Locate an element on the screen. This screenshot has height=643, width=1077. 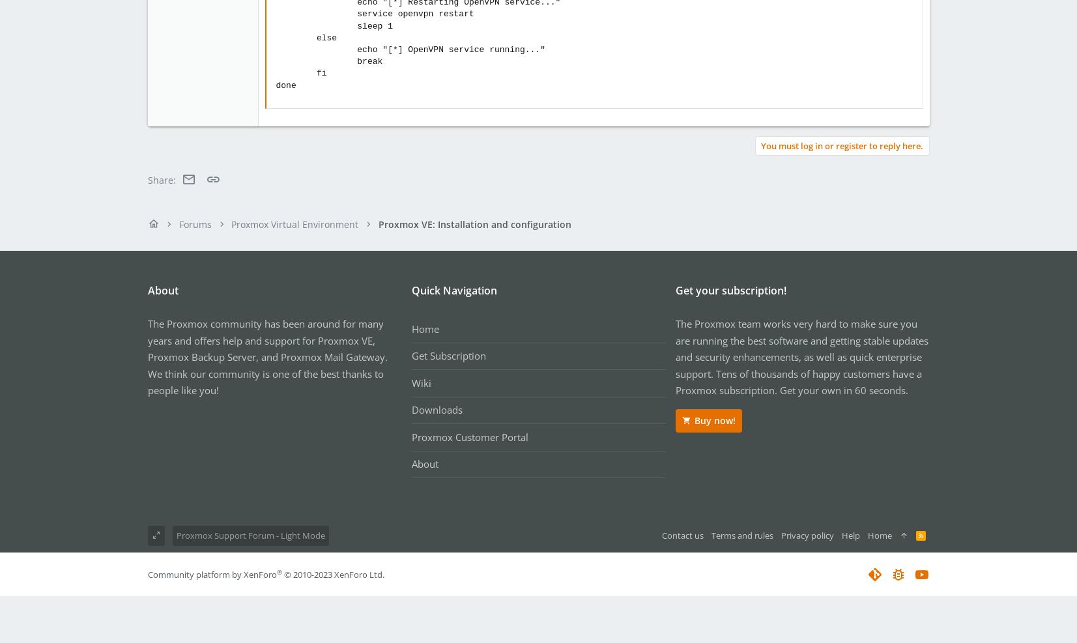
'Downloads' is located at coordinates (410, 409).